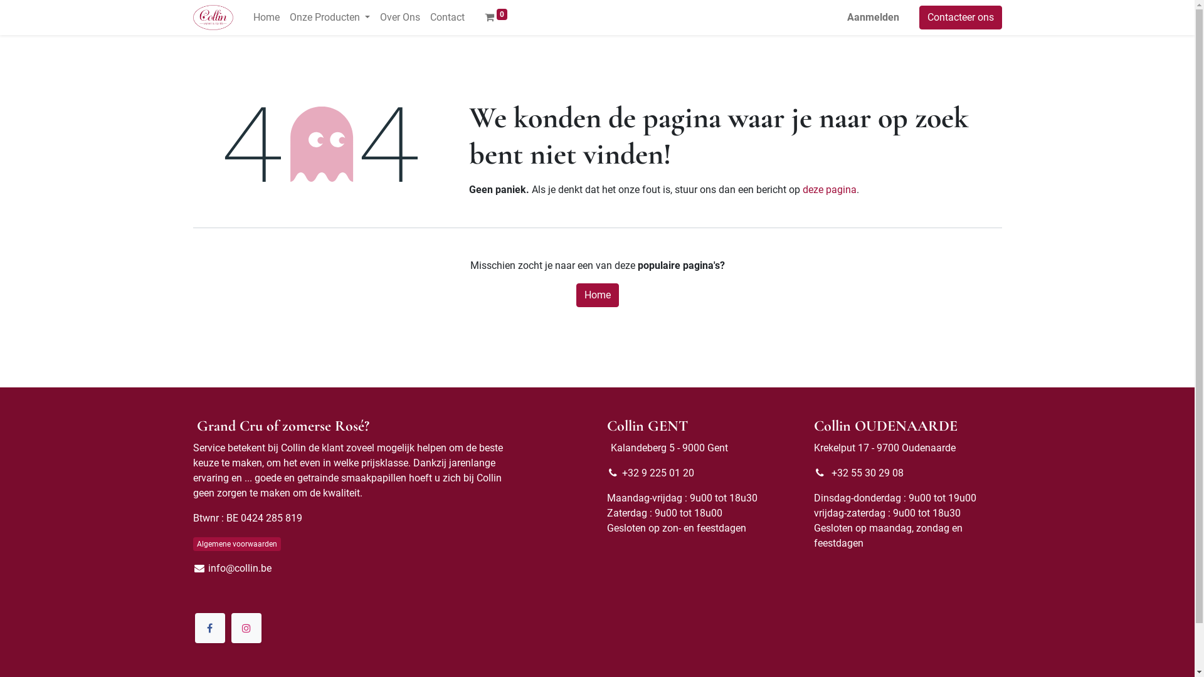  Describe the element at coordinates (830, 189) in the screenshot. I see `'deze pagina'` at that location.